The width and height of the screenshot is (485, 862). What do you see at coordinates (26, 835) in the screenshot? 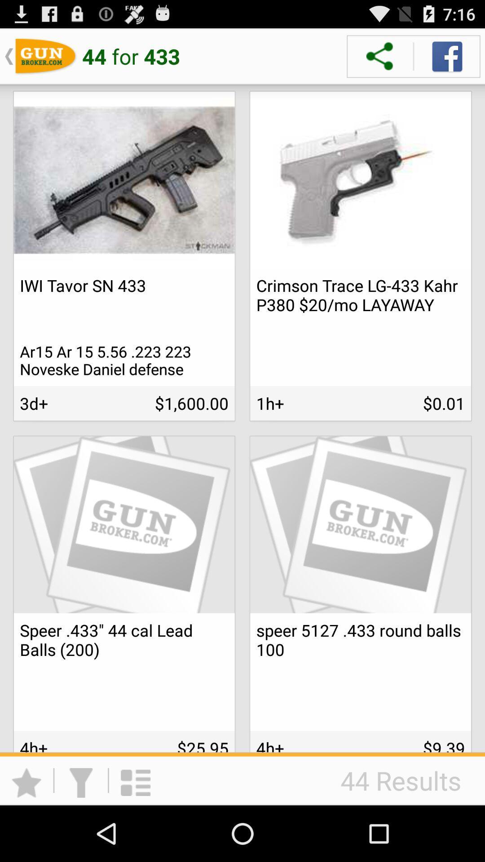
I see `the star icon` at bounding box center [26, 835].